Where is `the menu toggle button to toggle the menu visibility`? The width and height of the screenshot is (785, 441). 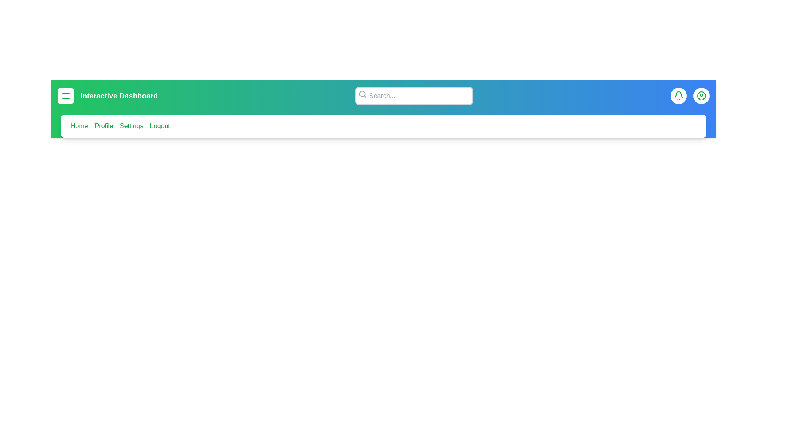
the menu toggle button to toggle the menu visibility is located at coordinates (66, 96).